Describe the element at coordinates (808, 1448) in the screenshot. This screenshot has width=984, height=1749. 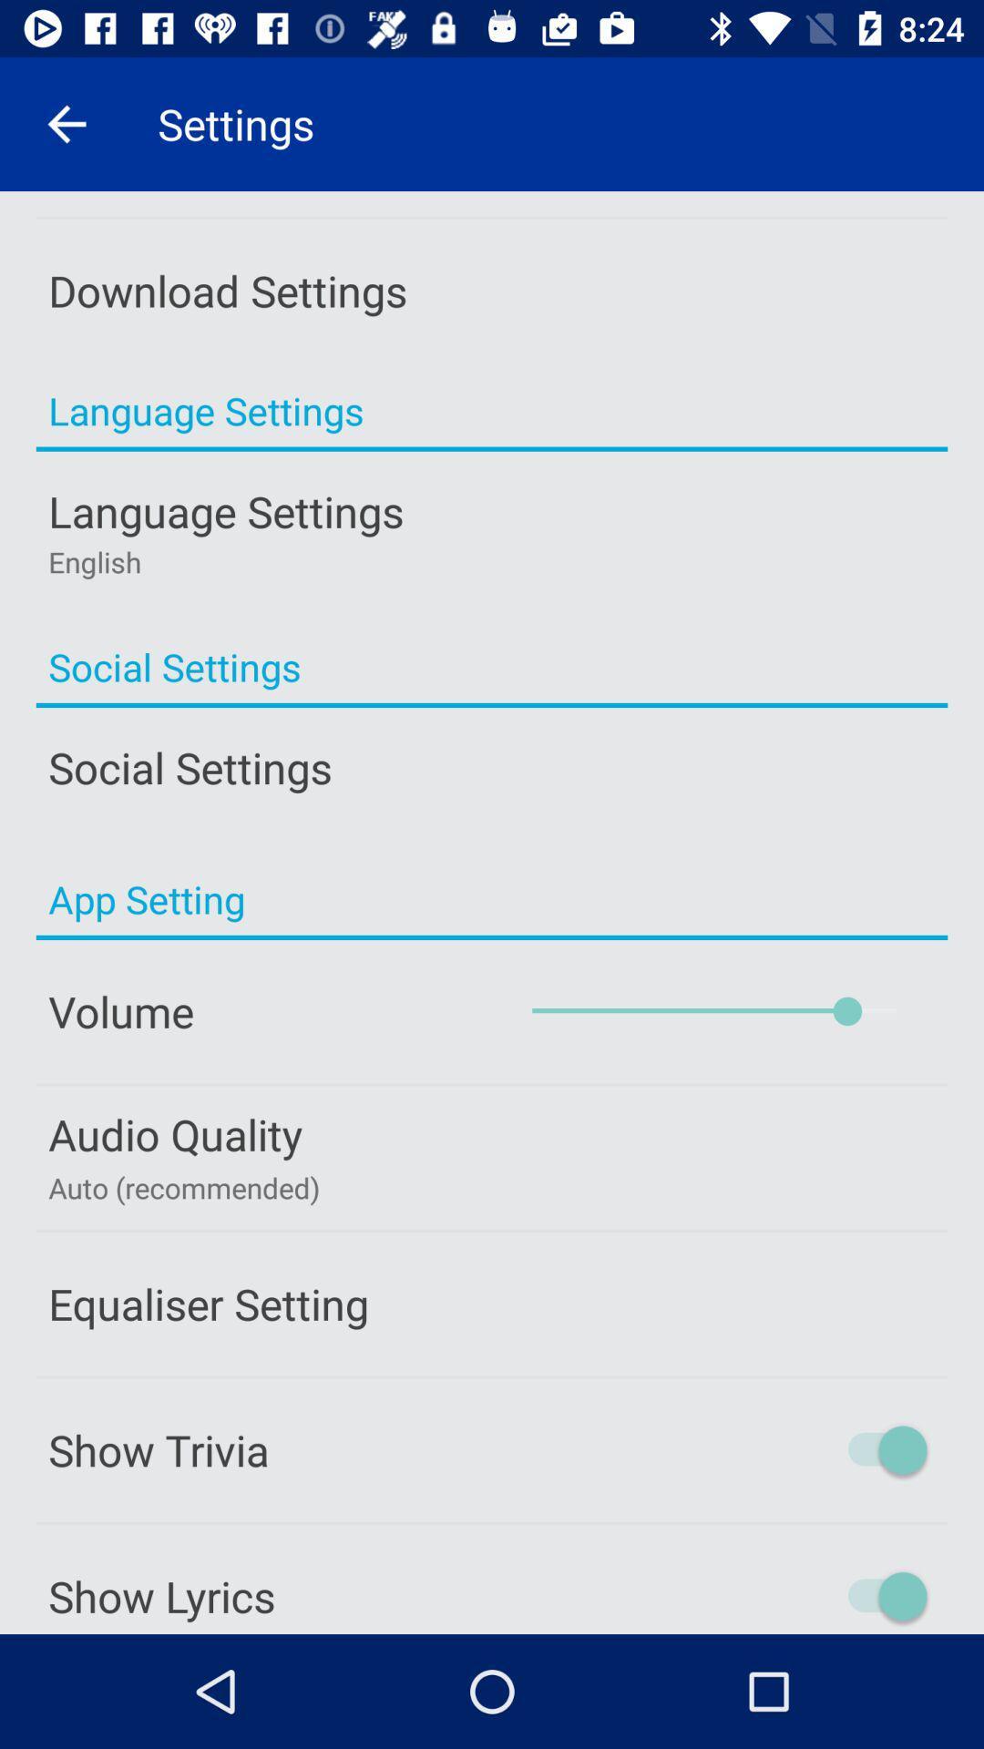
I see `icon to the right of the show trivia item` at that location.